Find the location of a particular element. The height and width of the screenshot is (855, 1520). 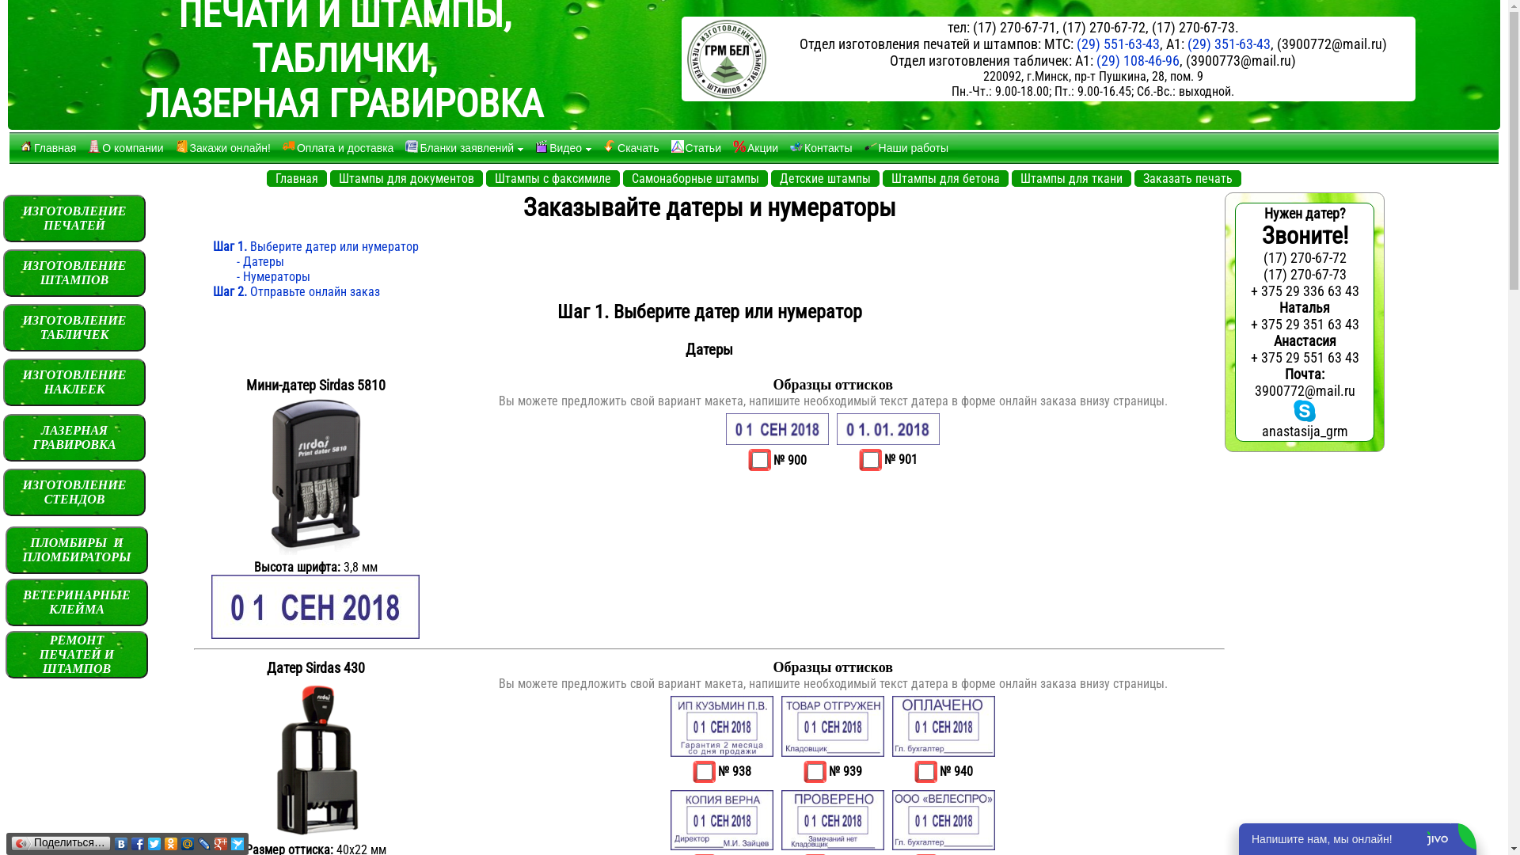

'skype' is located at coordinates (1304, 410).